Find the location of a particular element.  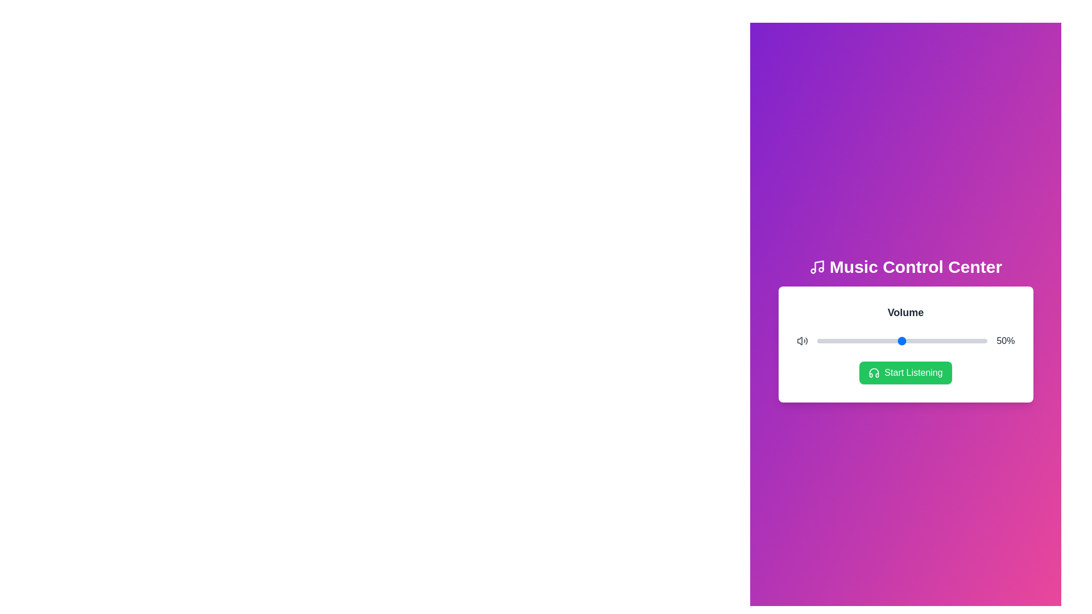

the volume slider to 21% is located at coordinates (853, 341).